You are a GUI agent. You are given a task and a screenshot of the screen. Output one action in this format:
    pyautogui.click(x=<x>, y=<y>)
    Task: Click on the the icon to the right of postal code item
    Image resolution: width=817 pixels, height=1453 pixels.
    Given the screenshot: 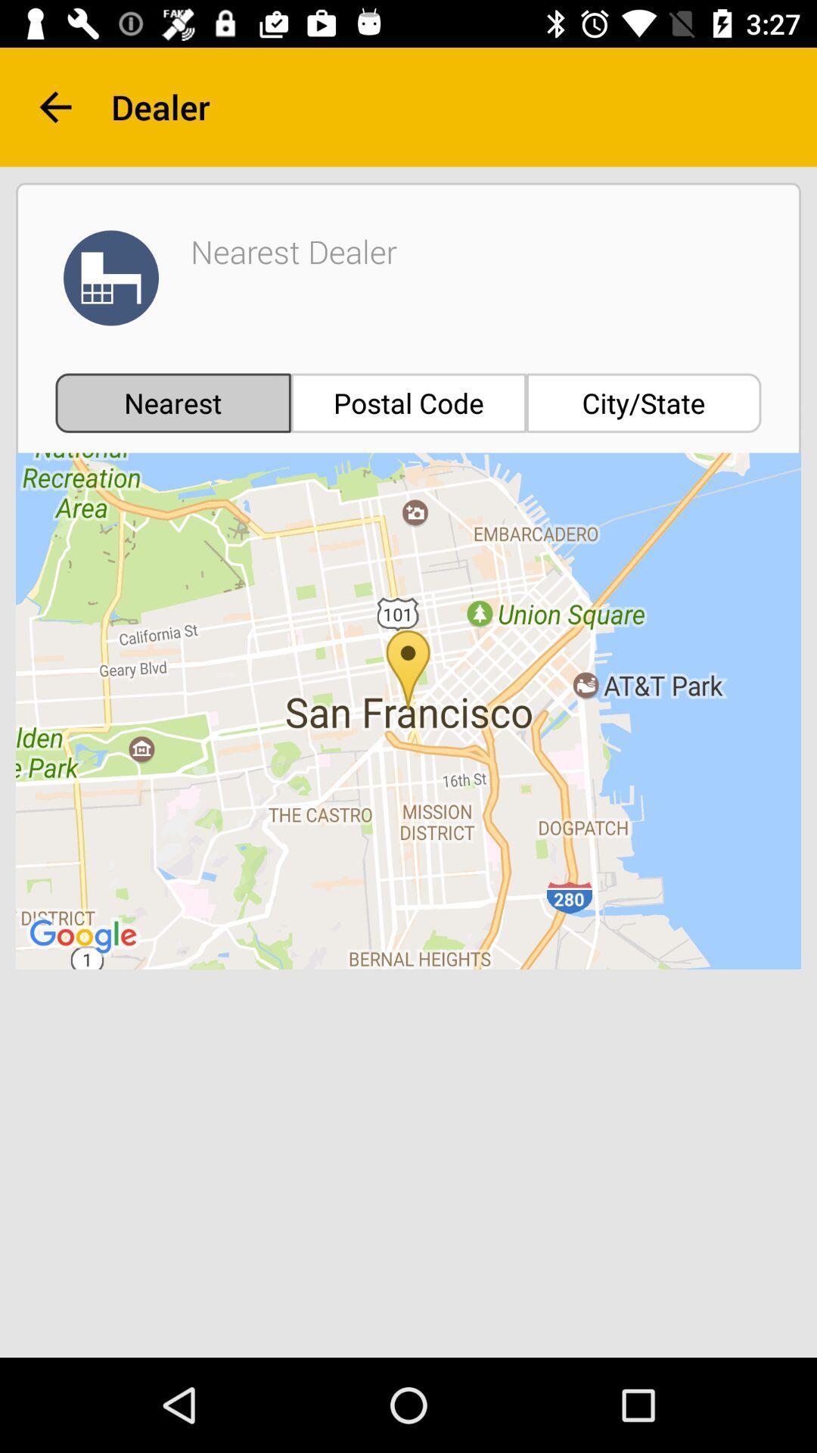 What is the action you would take?
    pyautogui.click(x=644, y=403)
    